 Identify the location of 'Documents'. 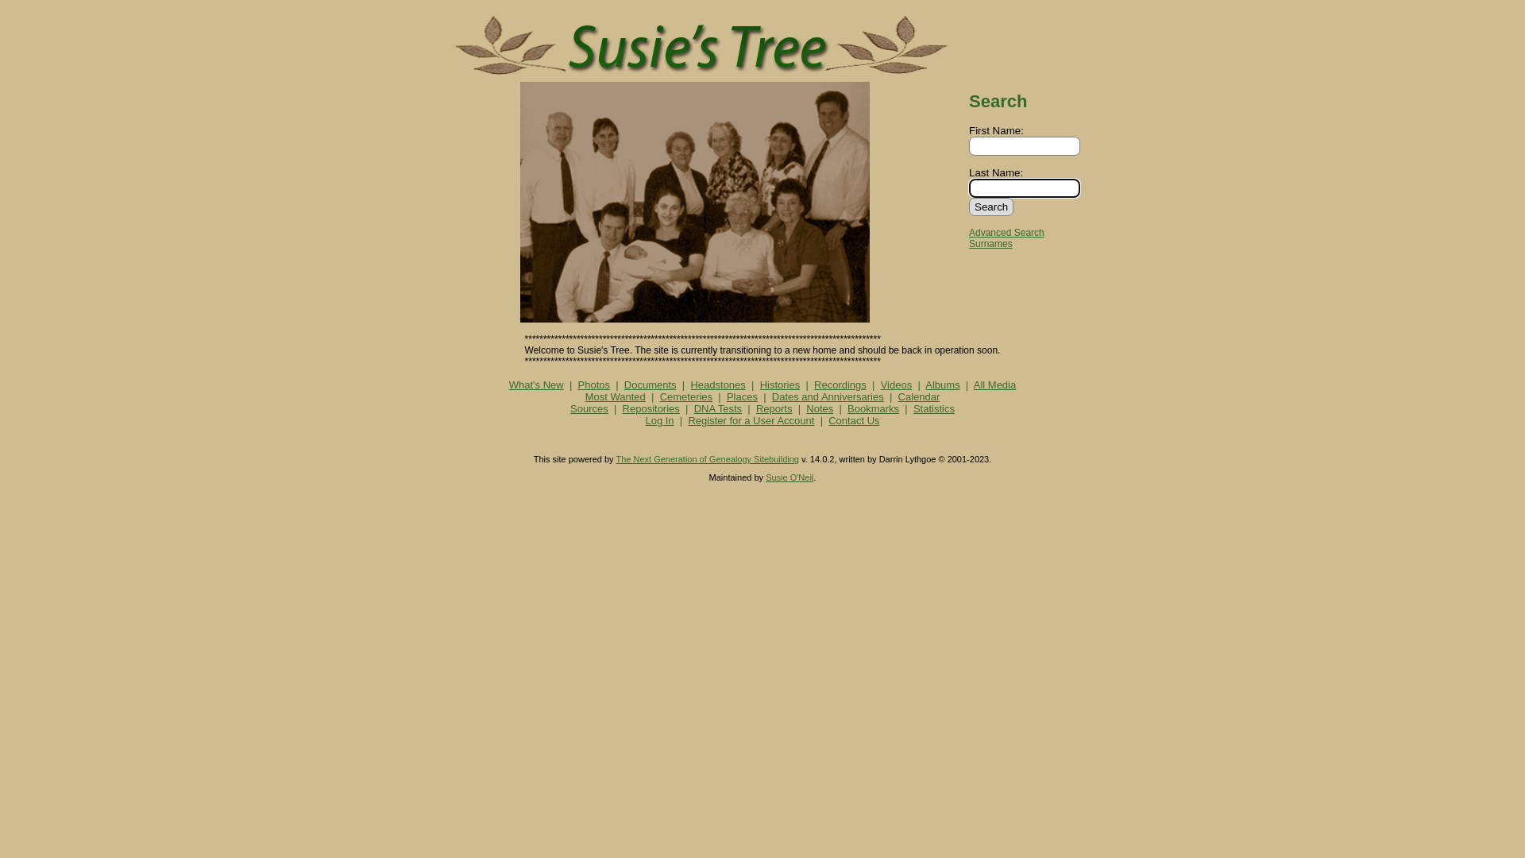
(651, 385).